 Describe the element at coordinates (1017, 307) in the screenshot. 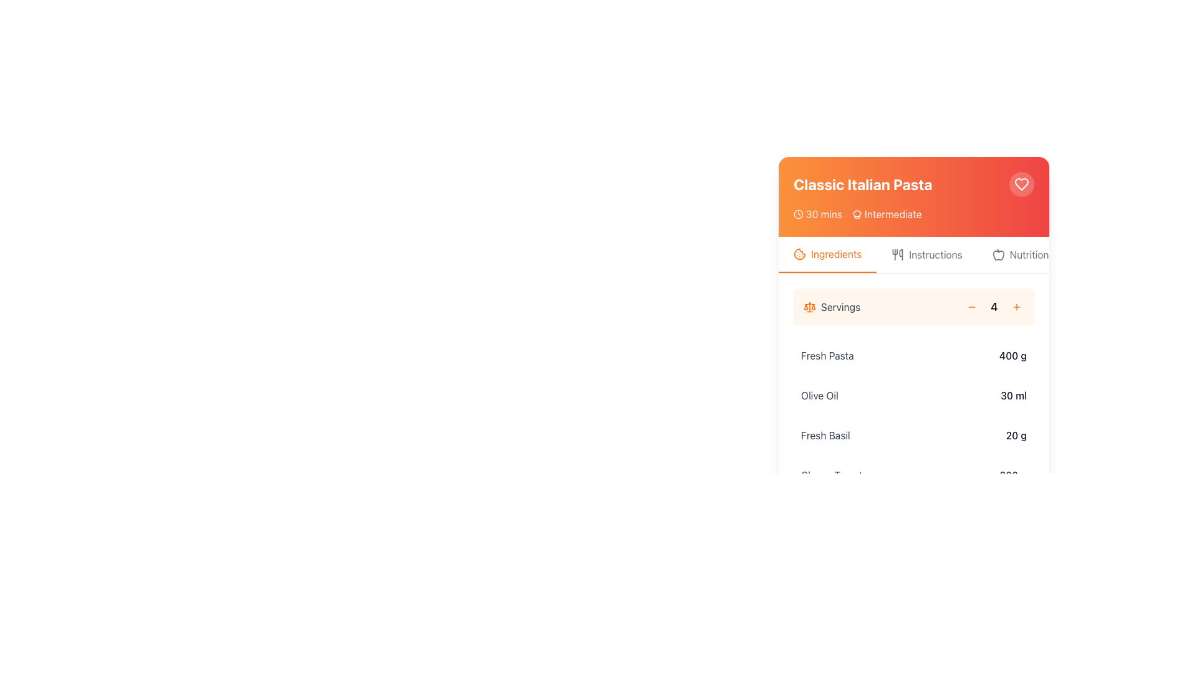

I see `the button used to increase the quantity of servings, located to the right of the numeric display '4' in the serving adjustment section` at that location.